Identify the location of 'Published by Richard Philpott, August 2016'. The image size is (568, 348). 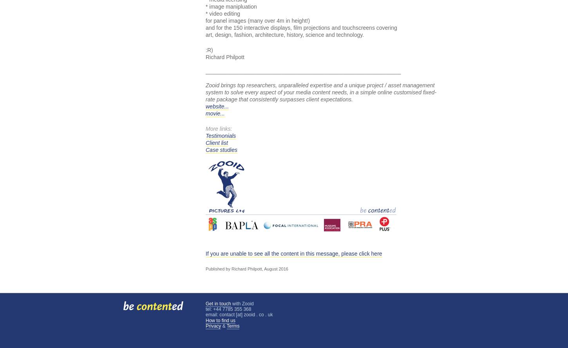
(246, 269).